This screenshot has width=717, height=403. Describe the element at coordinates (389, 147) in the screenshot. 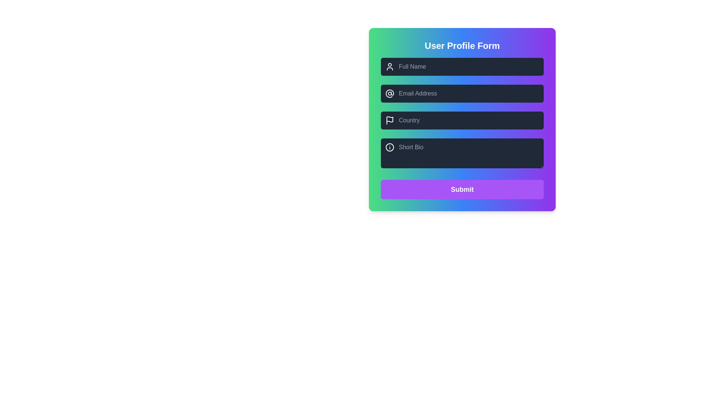

I see `the informational icon located in the top-left corner of the 'Short Bio' field` at that location.